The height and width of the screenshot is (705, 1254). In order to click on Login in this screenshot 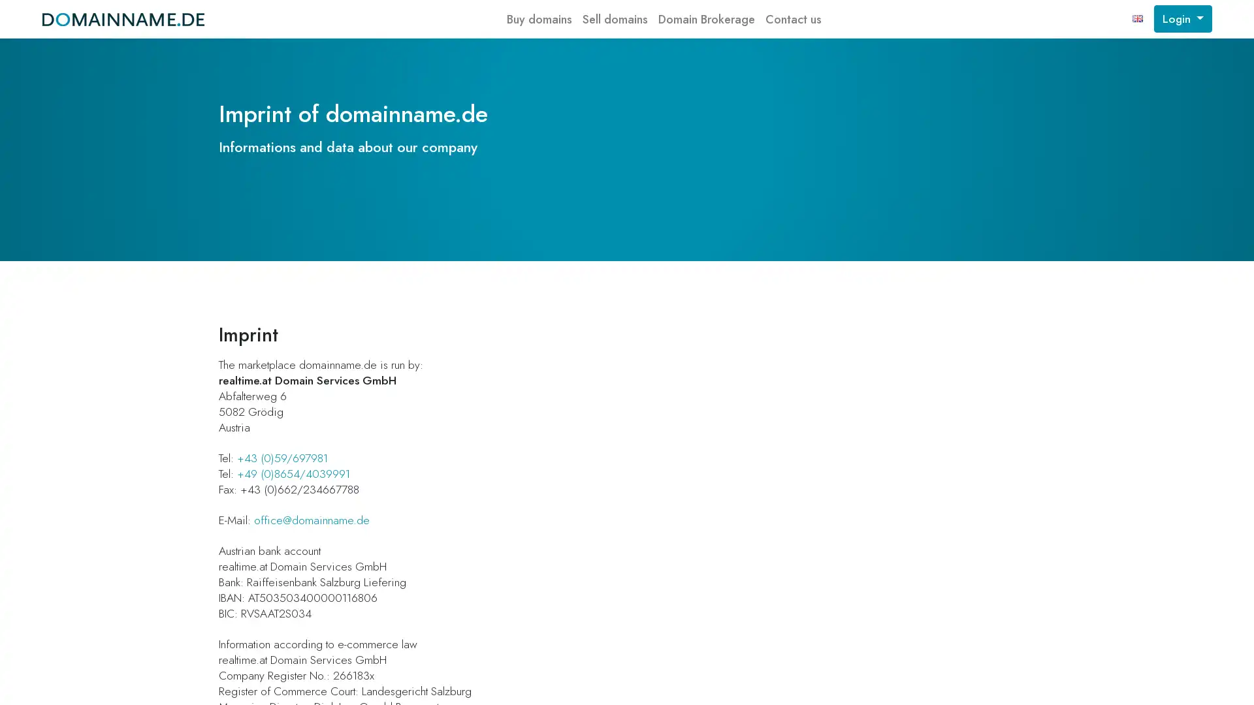, I will do `click(1182, 19)`.